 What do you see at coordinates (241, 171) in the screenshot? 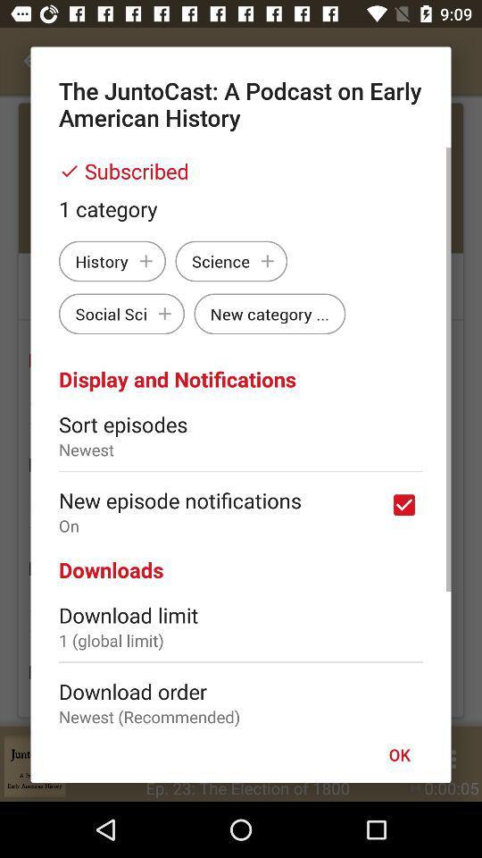
I see `item above the 1 category item` at bounding box center [241, 171].